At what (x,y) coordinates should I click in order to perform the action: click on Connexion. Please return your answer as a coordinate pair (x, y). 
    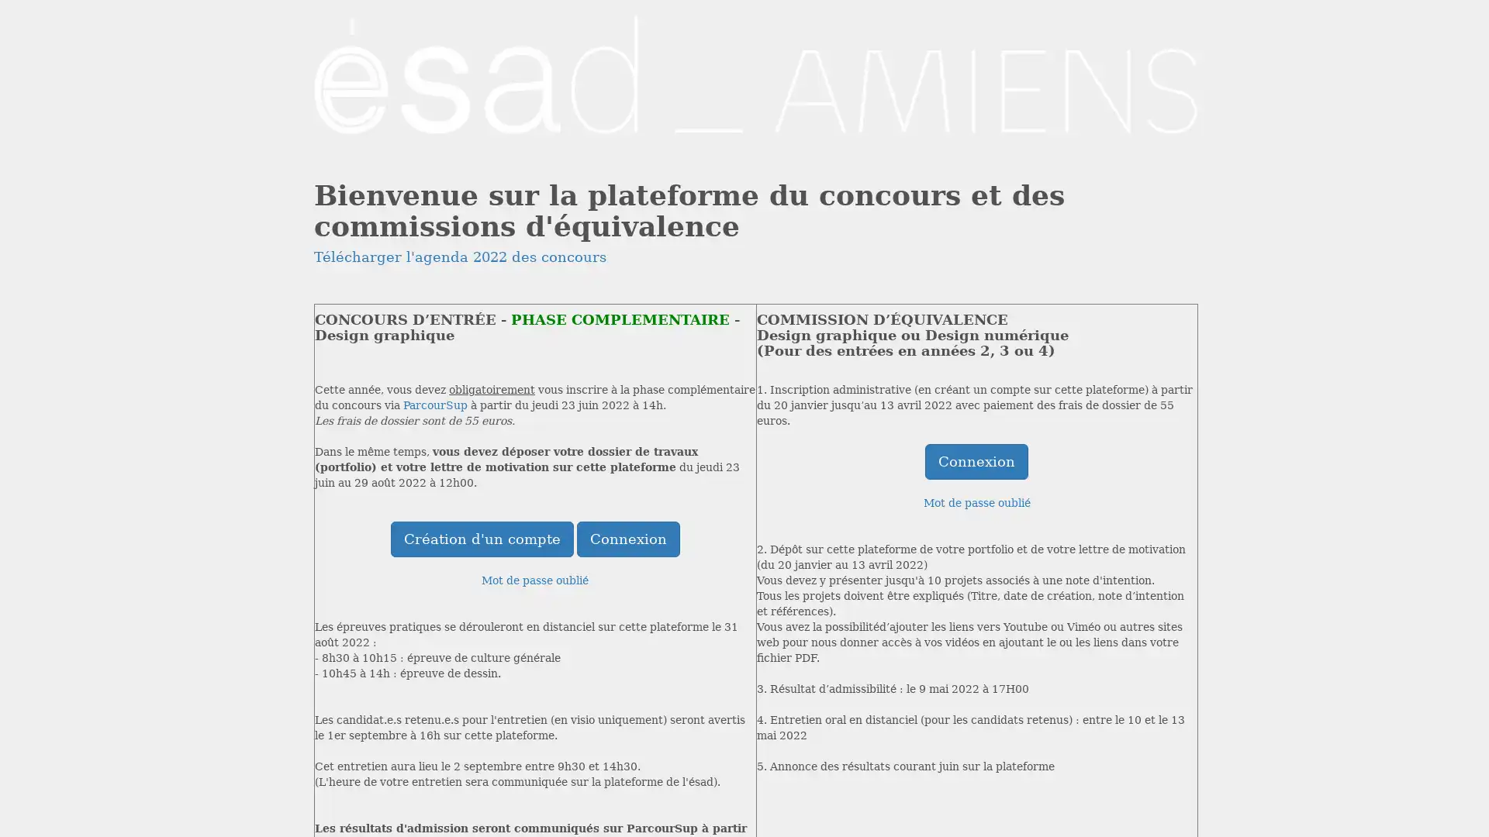
    Looking at the image, I should click on (976, 460).